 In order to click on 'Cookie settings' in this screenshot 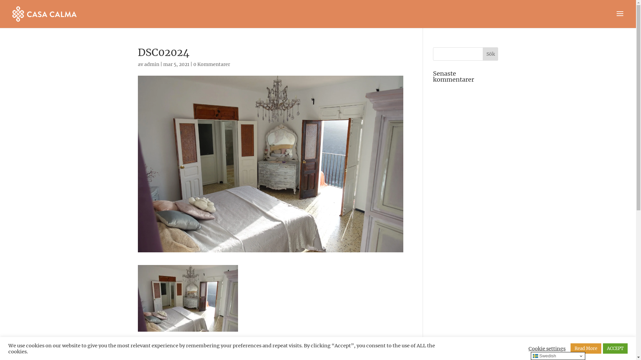, I will do `click(547, 348)`.